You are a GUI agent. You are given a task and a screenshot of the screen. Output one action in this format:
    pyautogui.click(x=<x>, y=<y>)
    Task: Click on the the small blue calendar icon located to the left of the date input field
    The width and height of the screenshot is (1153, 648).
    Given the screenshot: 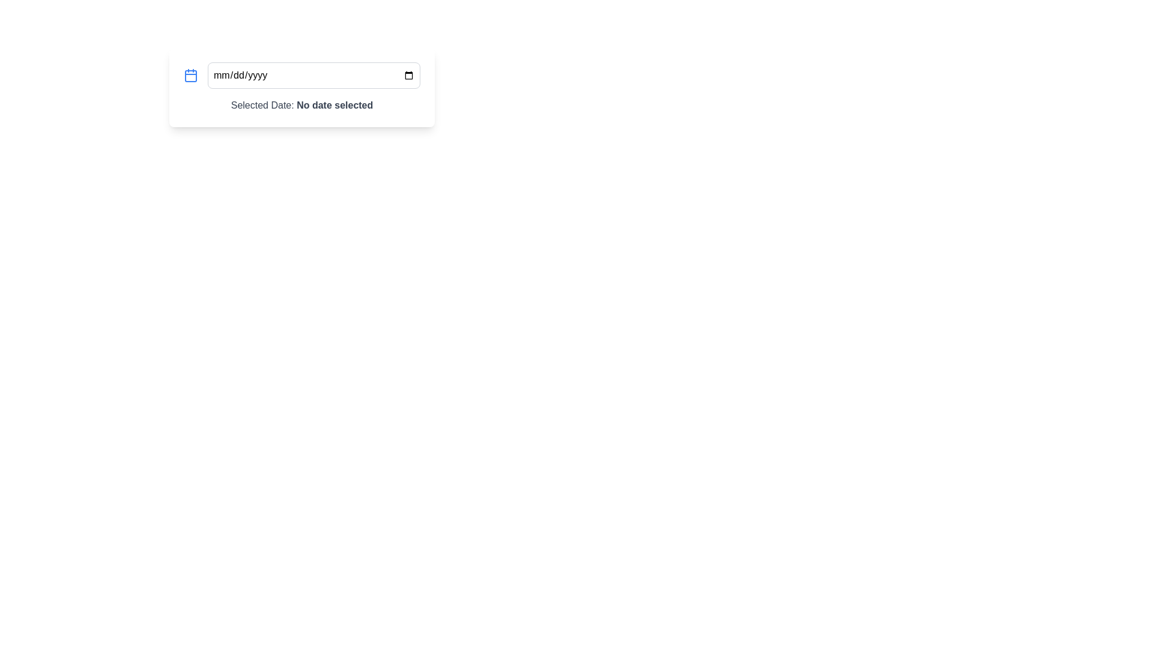 What is the action you would take?
    pyautogui.click(x=190, y=76)
    